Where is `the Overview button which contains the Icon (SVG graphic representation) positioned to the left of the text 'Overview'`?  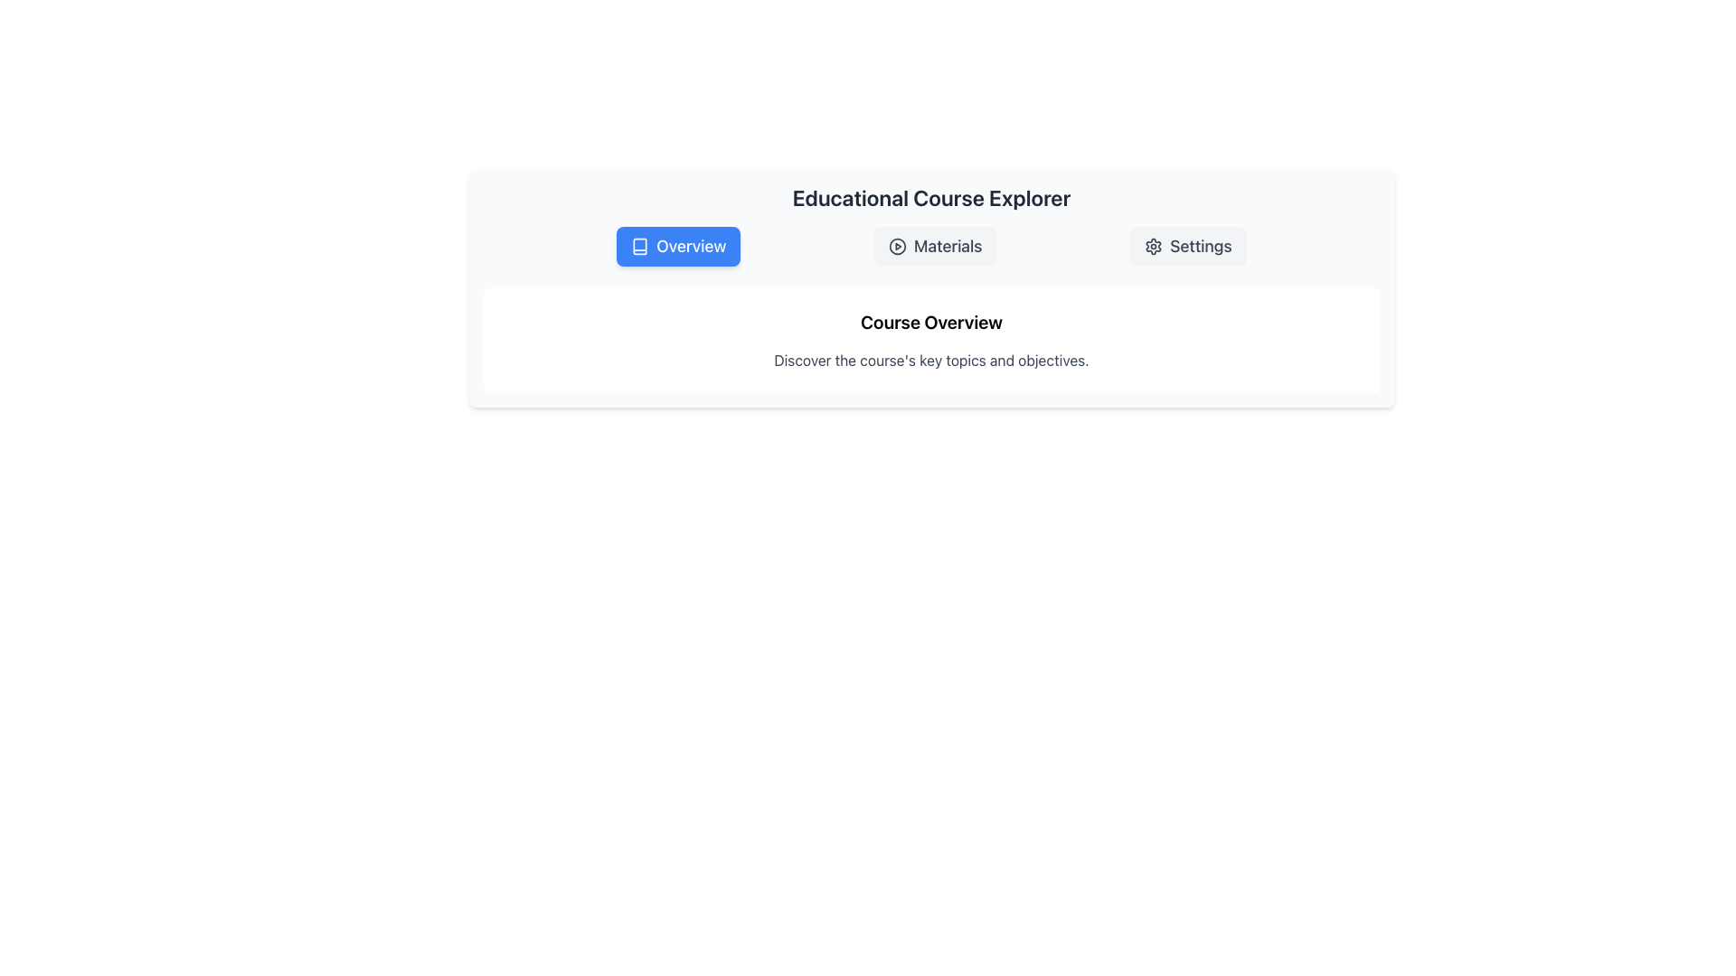
the Overview button which contains the Icon (SVG graphic representation) positioned to the left of the text 'Overview' is located at coordinates (640, 247).